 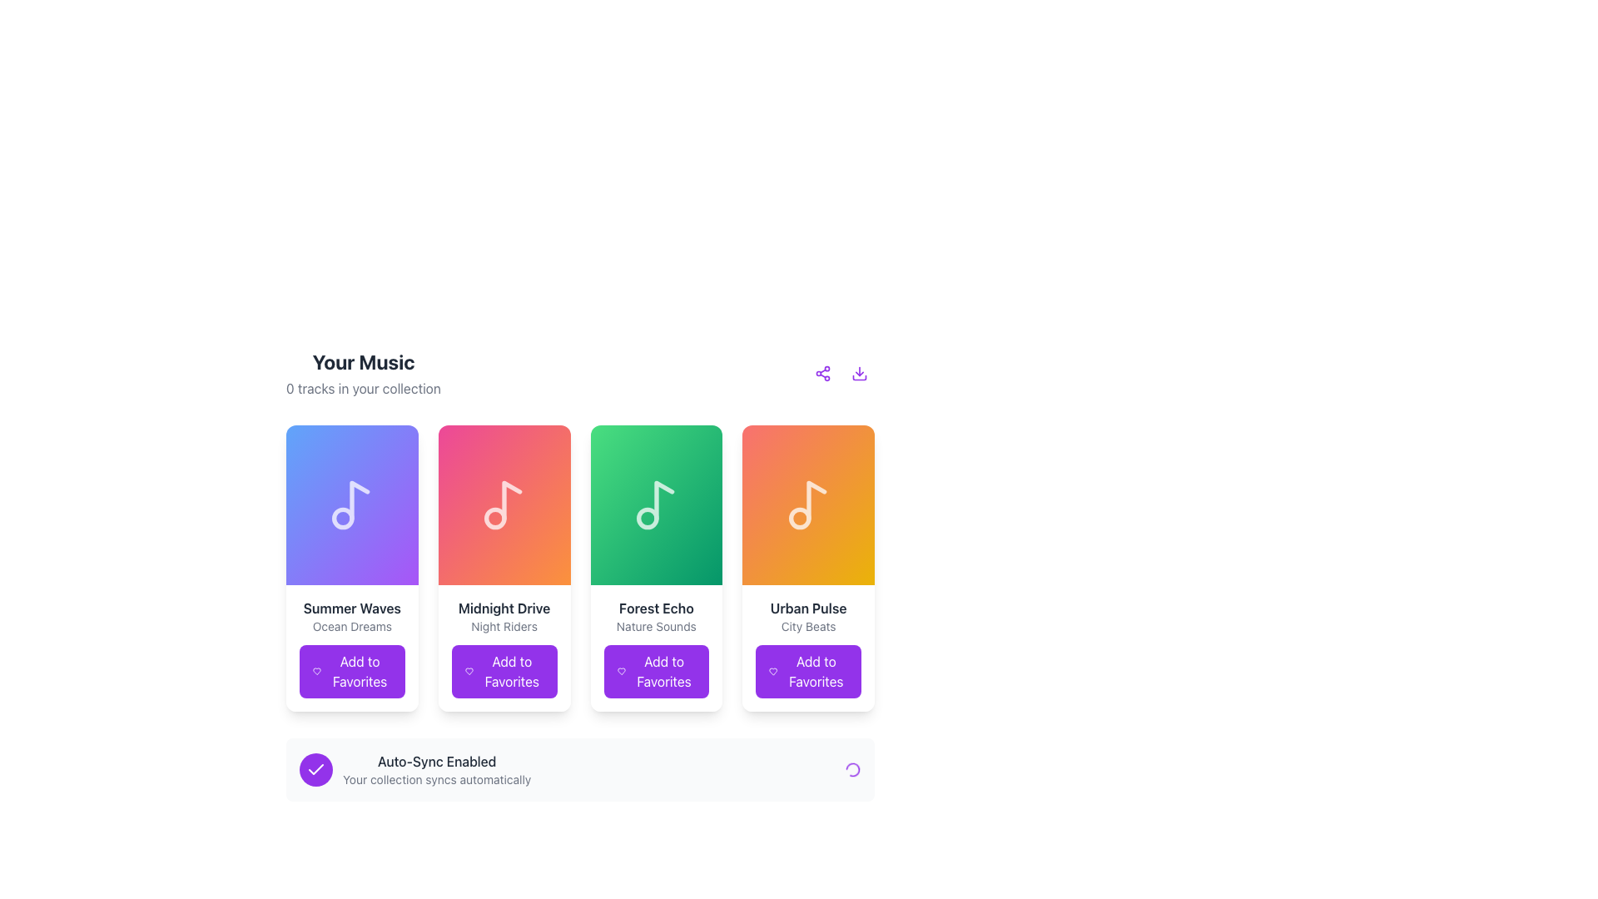 What do you see at coordinates (663, 670) in the screenshot?
I see `the 'Add to Favorites' button, which is a text label styled in white font on a purple background, located in the third card below 'Forest Echo'` at bounding box center [663, 670].